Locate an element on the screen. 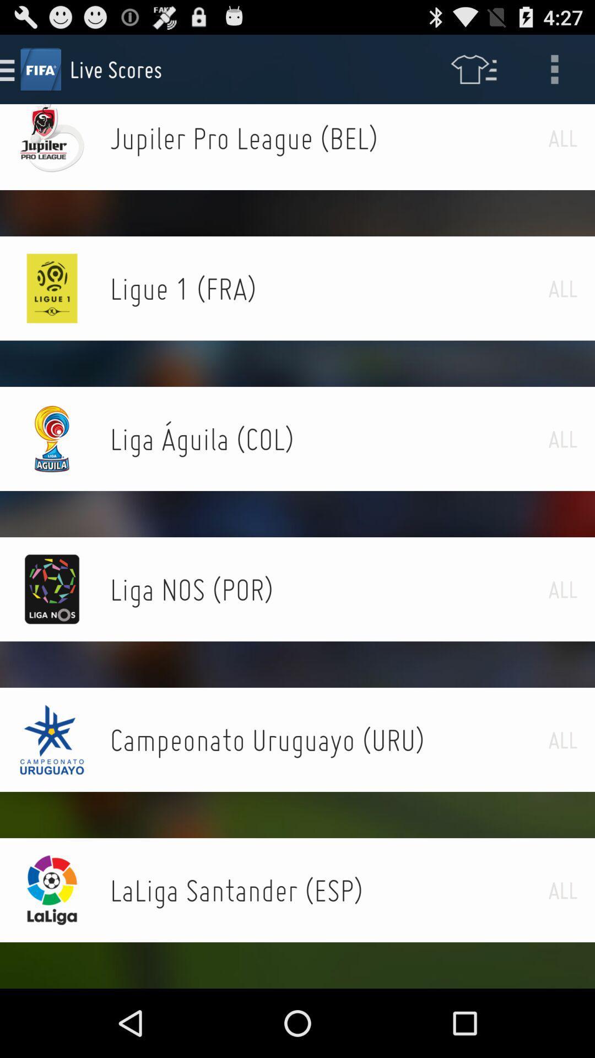  the laliga santander (esp) icon is located at coordinates (328, 890).